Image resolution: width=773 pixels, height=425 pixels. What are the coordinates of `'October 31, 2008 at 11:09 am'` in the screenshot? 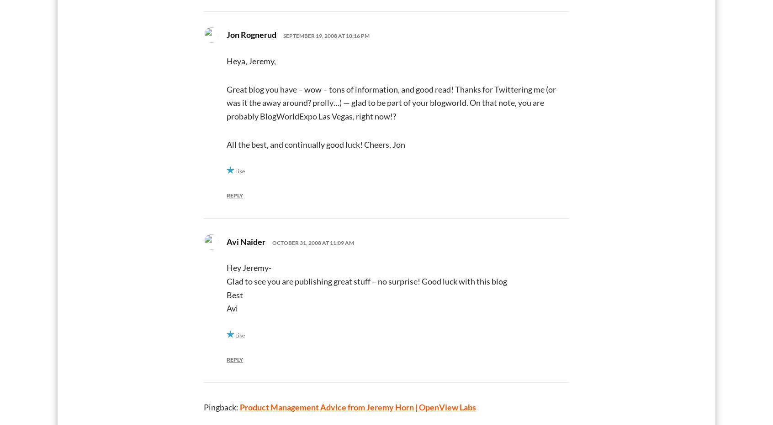 It's located at (313, 242).